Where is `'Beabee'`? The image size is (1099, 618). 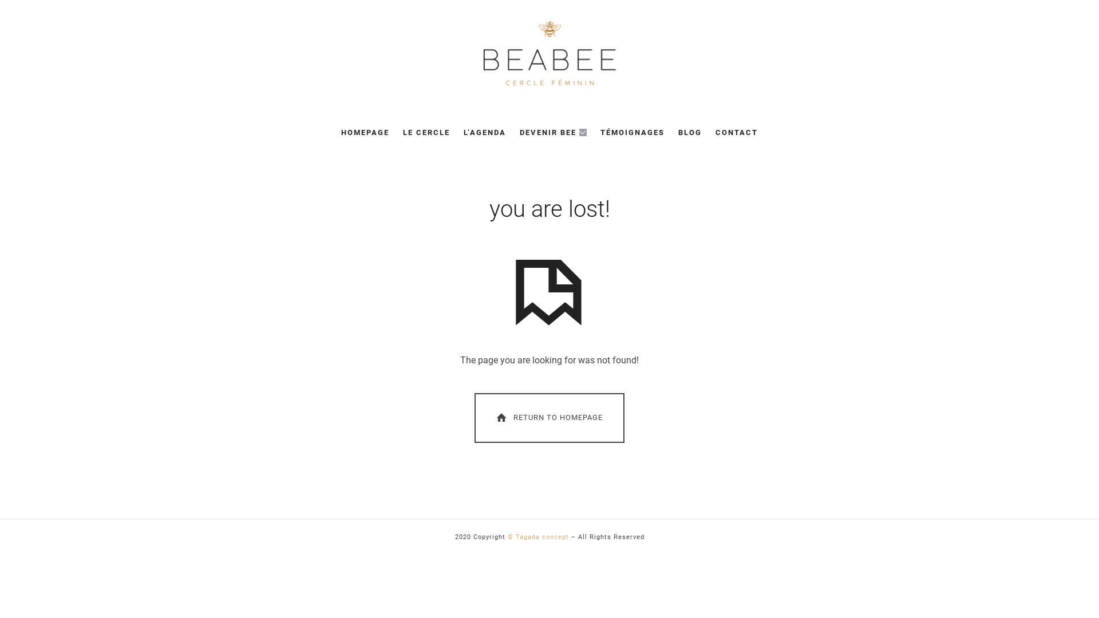
'Beabee' is located at coordinates (481, 53).